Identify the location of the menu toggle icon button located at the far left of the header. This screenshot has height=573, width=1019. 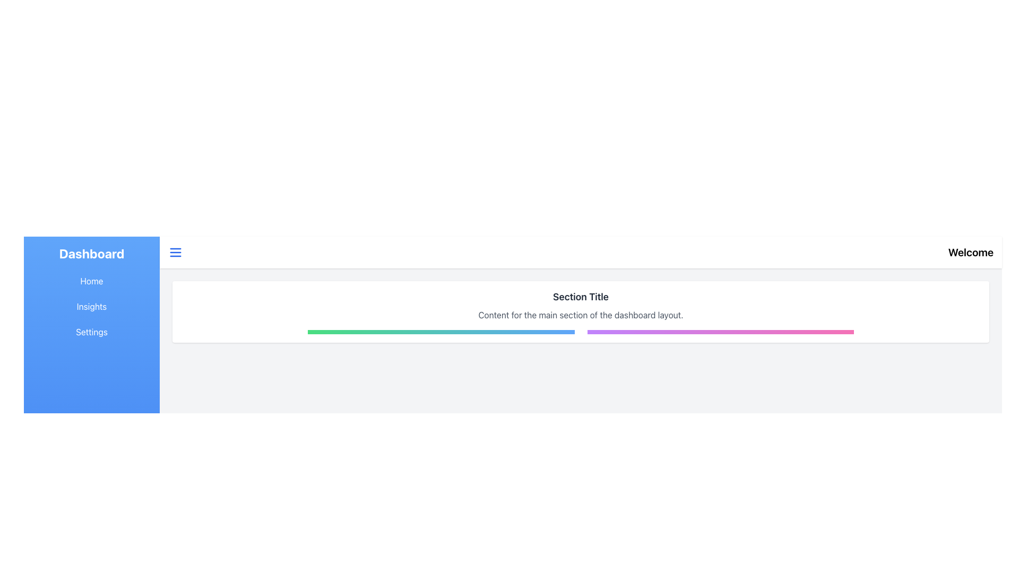
(176, 252).